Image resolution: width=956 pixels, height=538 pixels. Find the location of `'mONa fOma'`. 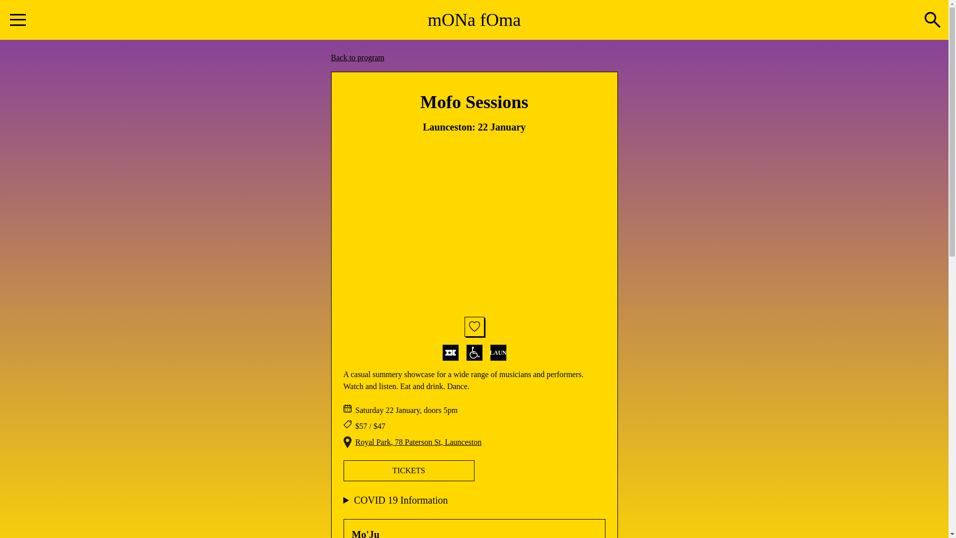

'mONa fOma' is located at coordinates (473, 19).